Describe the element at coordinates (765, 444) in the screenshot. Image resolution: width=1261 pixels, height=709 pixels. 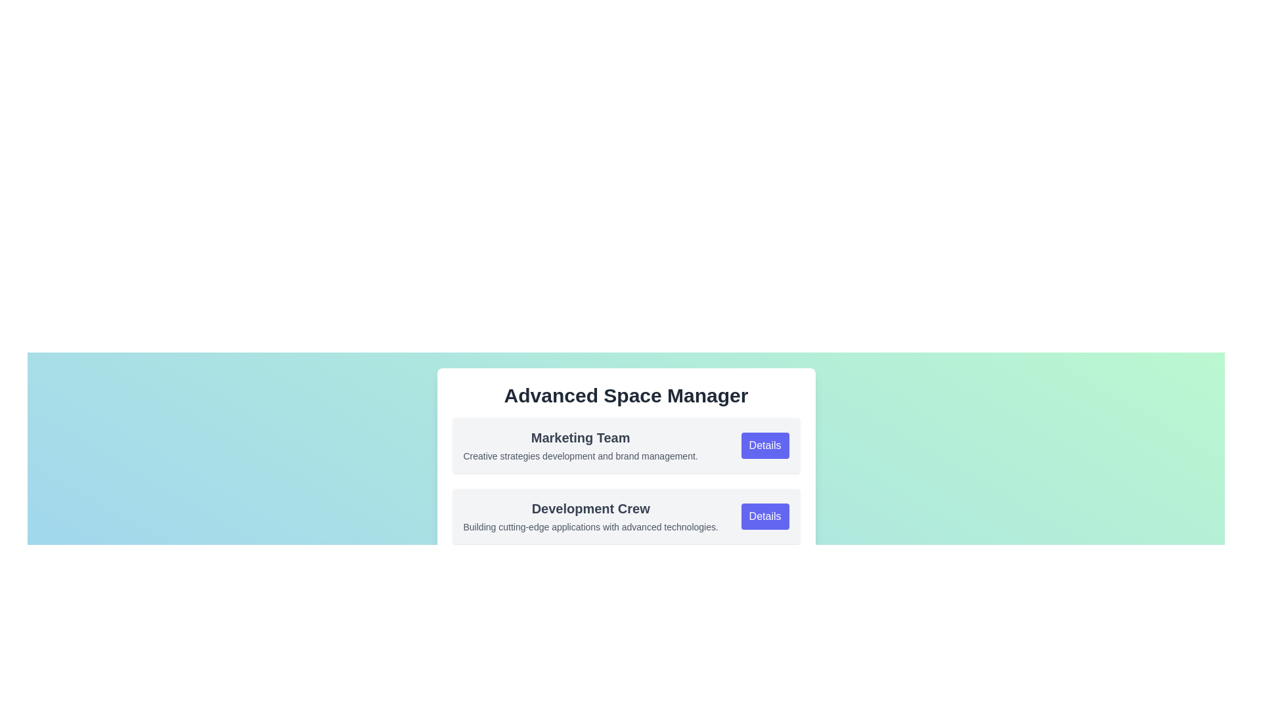
I see `the button located at the bottom-right section of the 'Marketing Team' card` at that location.